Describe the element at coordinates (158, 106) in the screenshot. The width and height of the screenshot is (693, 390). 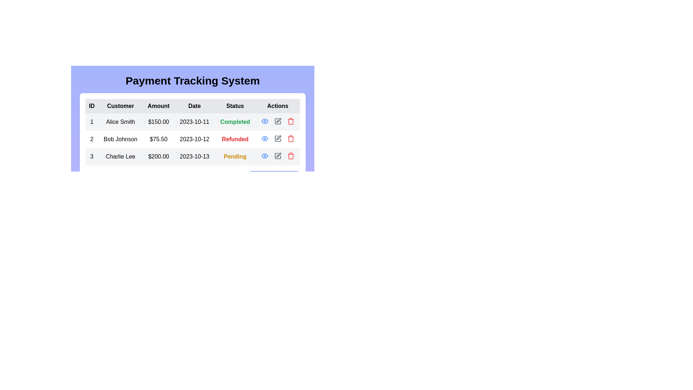
I see `the 'Amount' header label in the table, which is located in the third column and visually styled with a gray background` at that location.